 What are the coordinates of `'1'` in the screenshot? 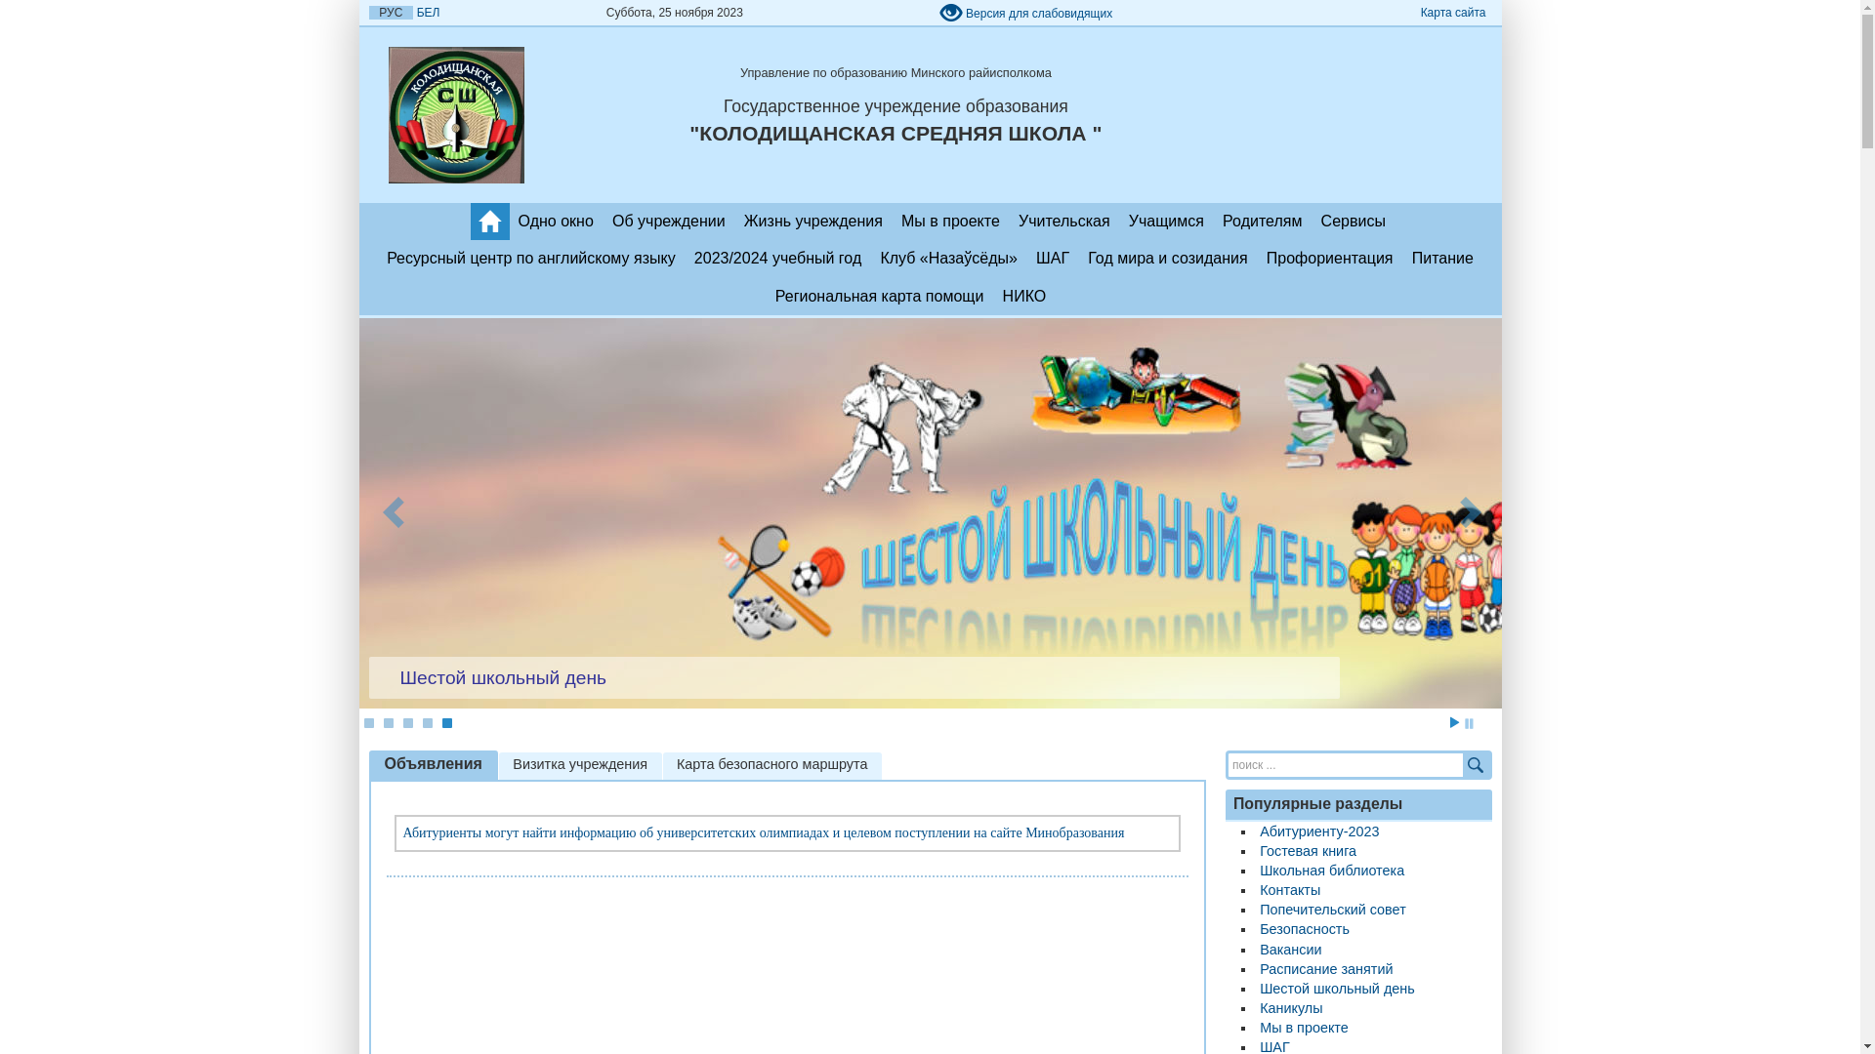 It's located at (368, 722).